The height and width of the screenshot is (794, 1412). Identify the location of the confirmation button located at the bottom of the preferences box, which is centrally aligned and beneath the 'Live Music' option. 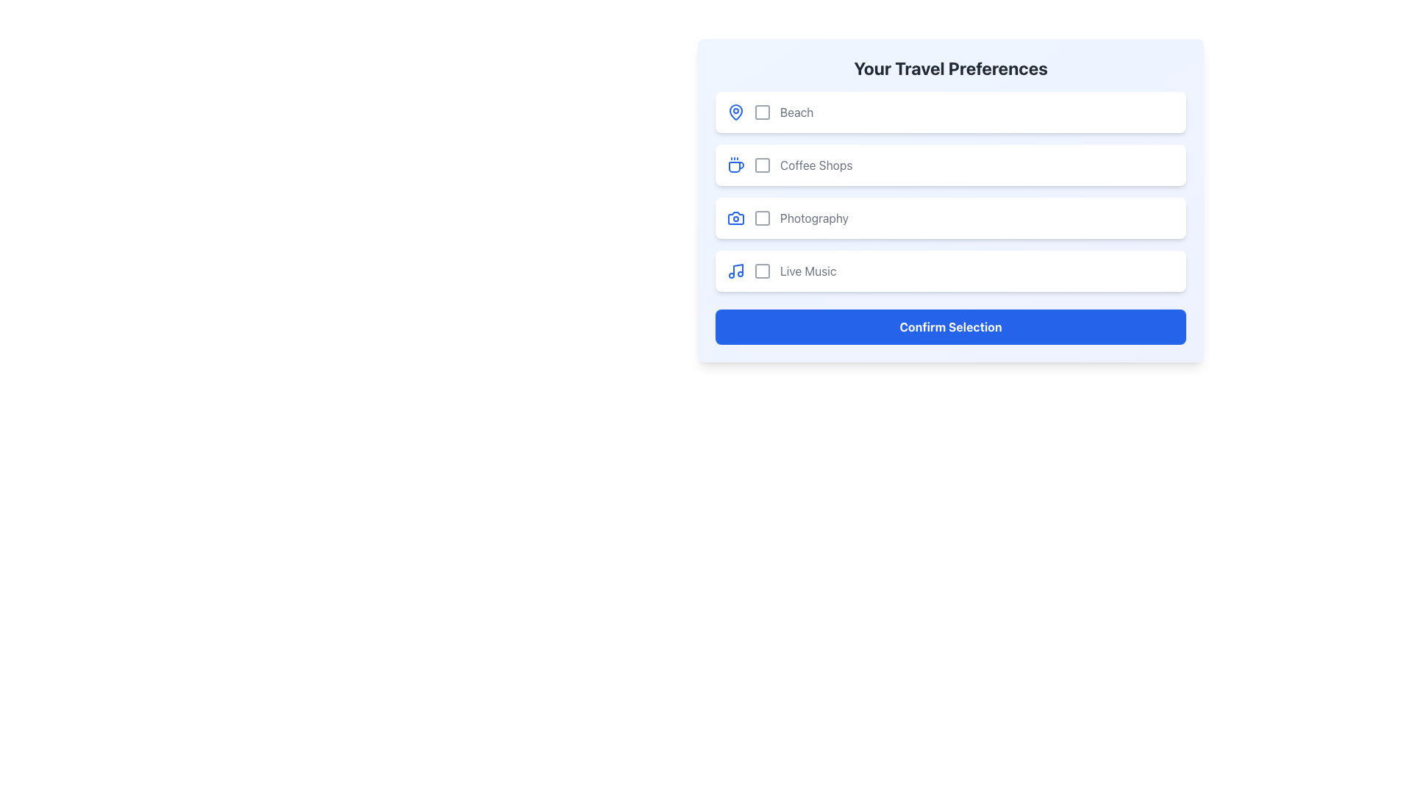
(950, 326).